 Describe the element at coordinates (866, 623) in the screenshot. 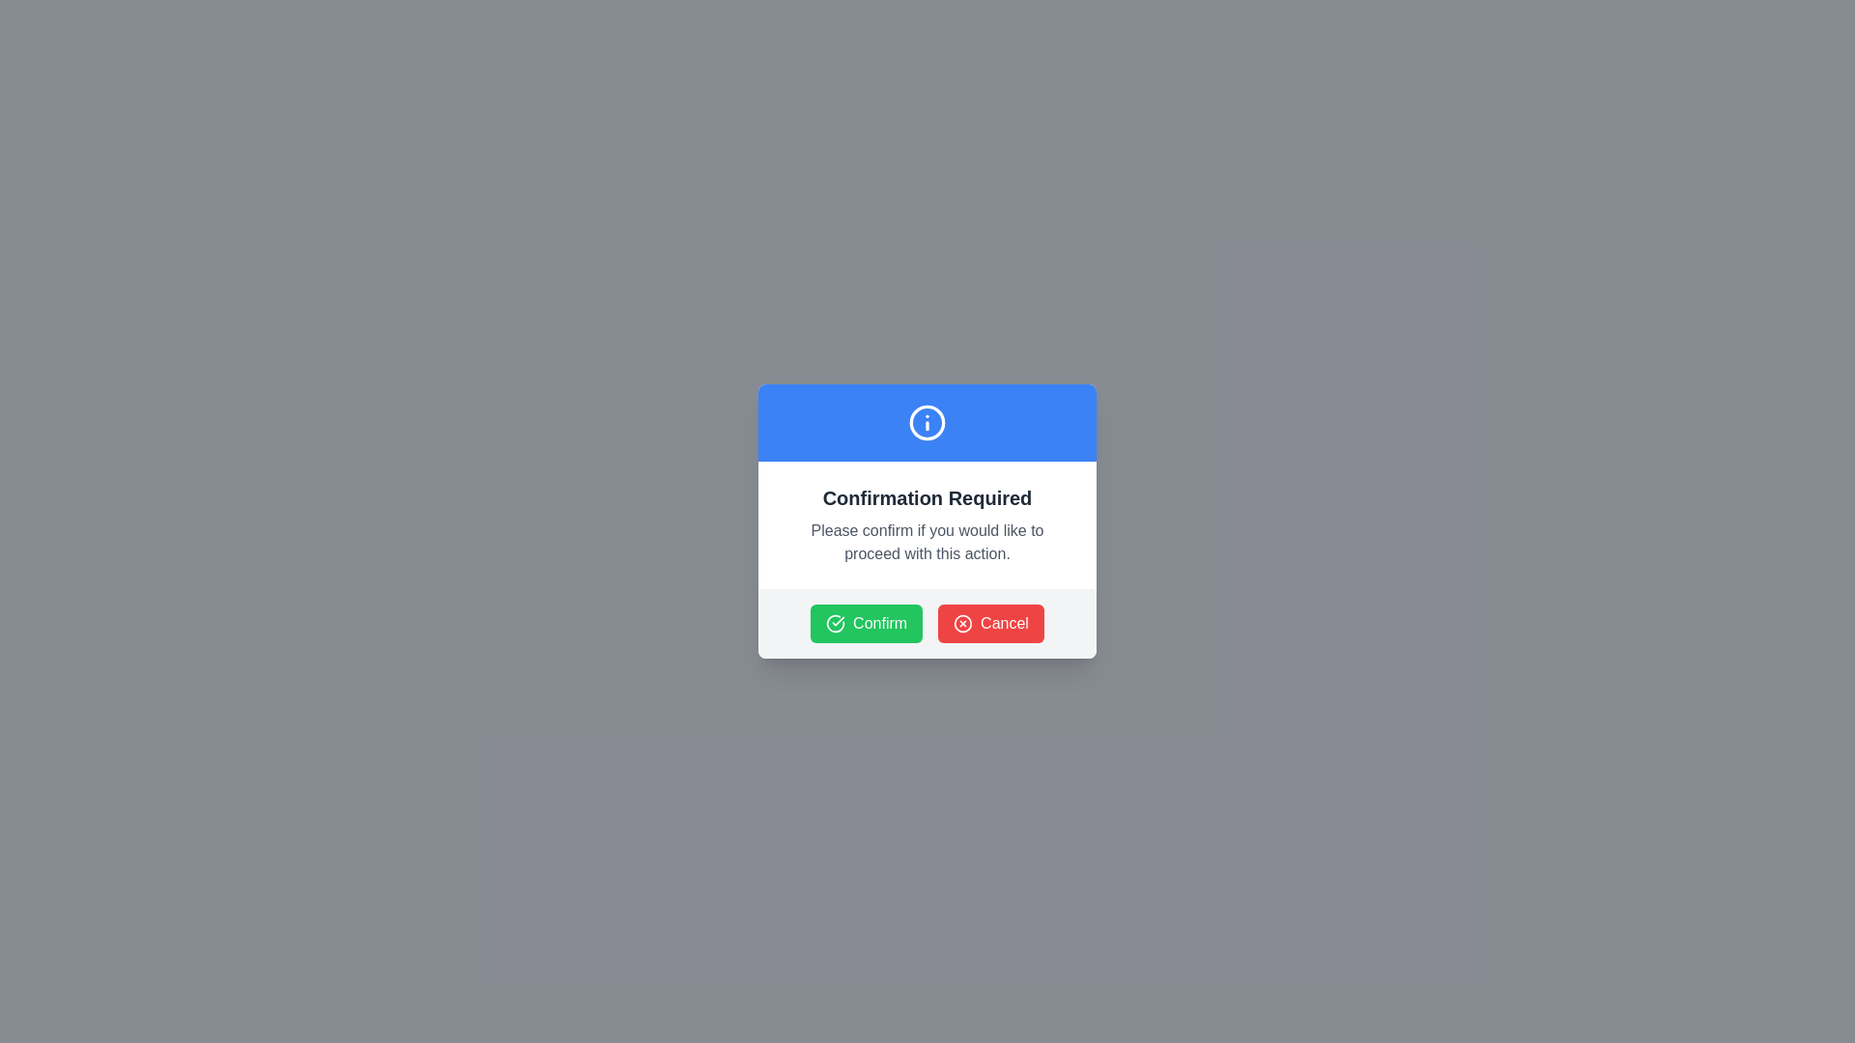

I see `the green 'Confirm' button with a white checkmark icon` at that location.